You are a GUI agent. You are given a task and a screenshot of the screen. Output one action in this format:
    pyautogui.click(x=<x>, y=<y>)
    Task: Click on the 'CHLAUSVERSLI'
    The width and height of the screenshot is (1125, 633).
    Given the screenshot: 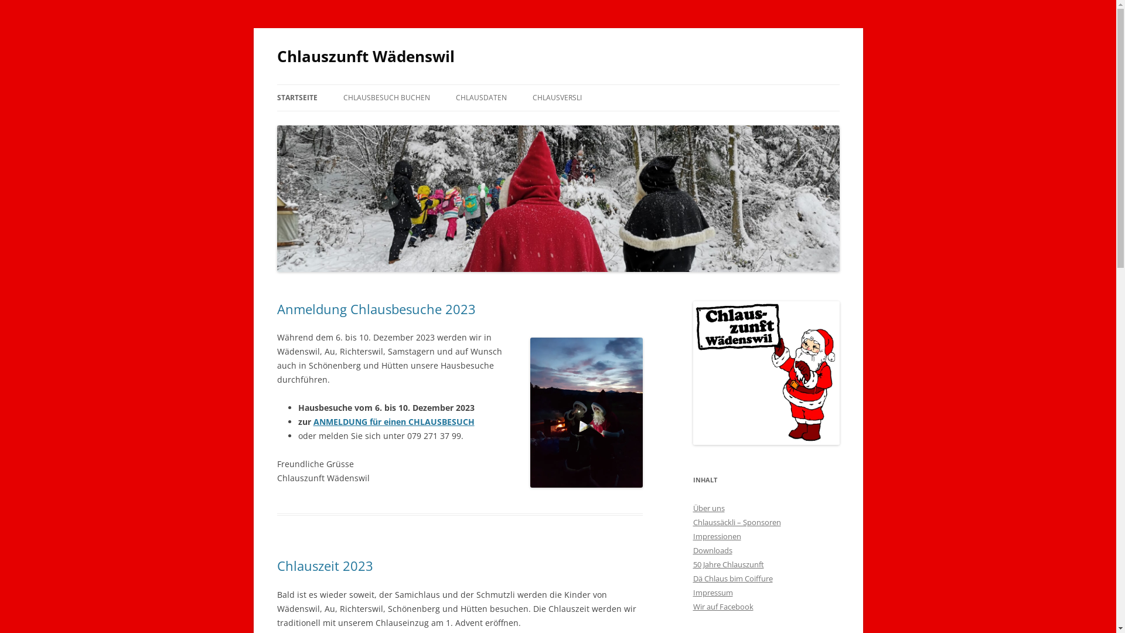 What is the action you would take?
    pyautogui.click(x=556, y=97)
    